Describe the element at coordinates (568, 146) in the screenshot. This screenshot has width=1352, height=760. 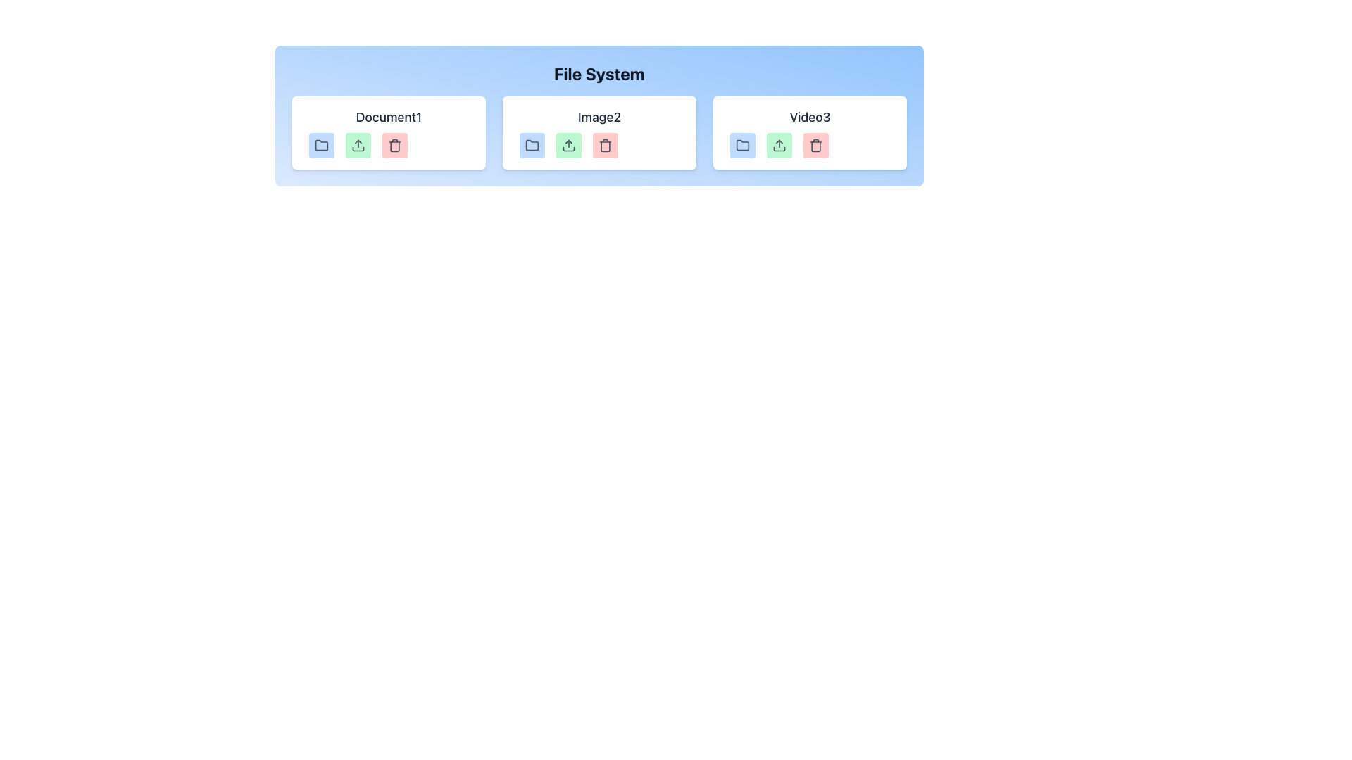
I see `the upload button located in the middle section of three horizontally aligned buttons under the 'Image2' label, which features an upward-pointing arrow icon` at that location.